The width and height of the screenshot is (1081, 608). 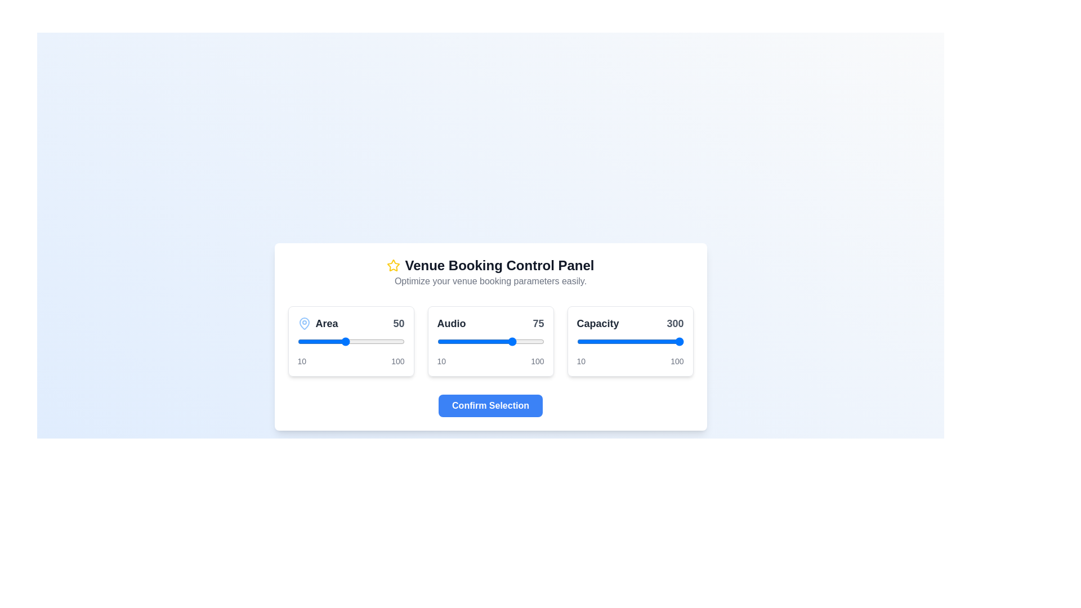 I want to click on the audio level, so click(x=458, y=341).